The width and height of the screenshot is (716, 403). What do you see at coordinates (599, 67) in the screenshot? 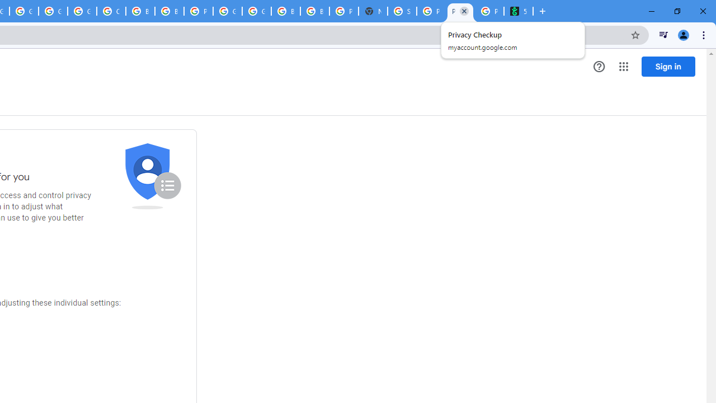
I see `'Help'` at bounding box center [599, 67].